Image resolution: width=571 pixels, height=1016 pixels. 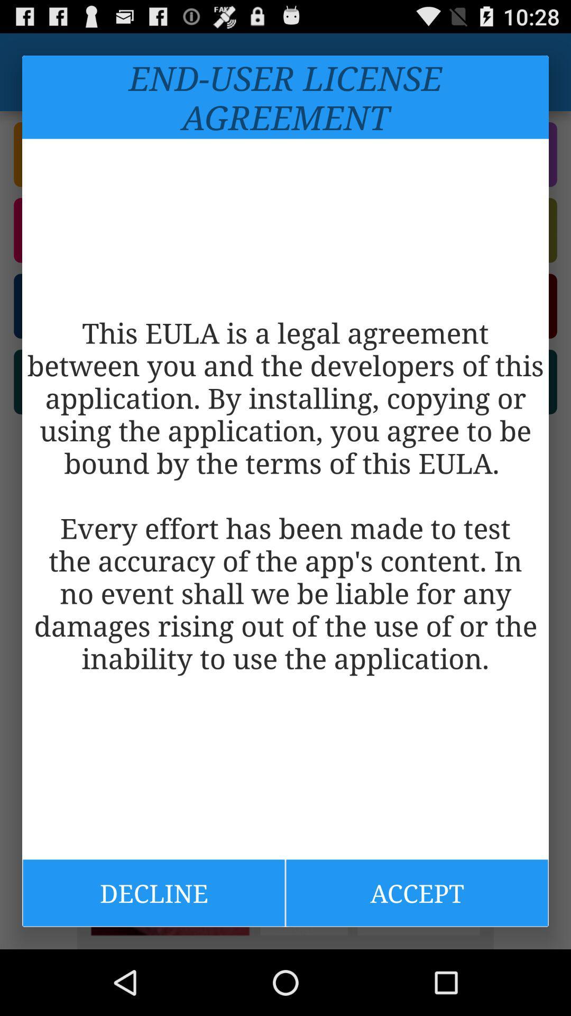 What do you see at coordinates (285, 97) in the screenshot?
I see `the end user license item` at bounding box center [285, 97].